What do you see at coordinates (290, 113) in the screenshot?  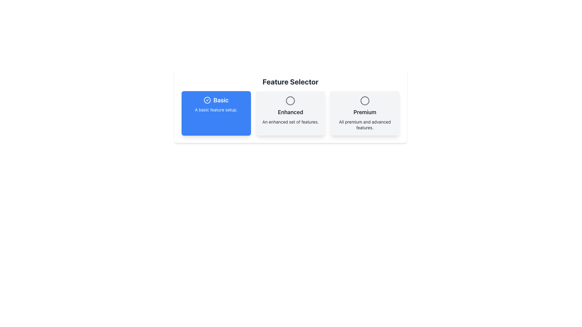 I see `the middle option 'Enhanced' in the Interactive selection grid located under the title 'Feature Selector'` at bounding box center [290, 113].